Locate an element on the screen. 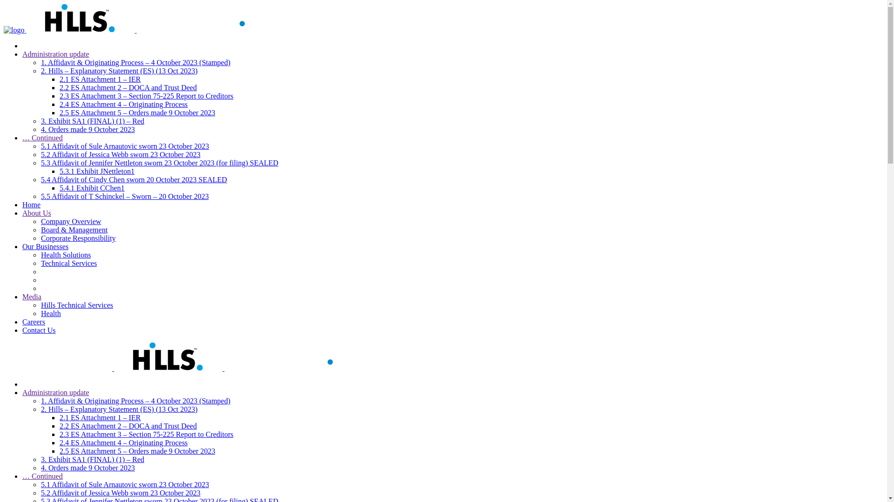 The height and width of the screenshot is (502, 894). '5.3.1 Exhibit JNettleton1' is located at coordinates (97, 171).